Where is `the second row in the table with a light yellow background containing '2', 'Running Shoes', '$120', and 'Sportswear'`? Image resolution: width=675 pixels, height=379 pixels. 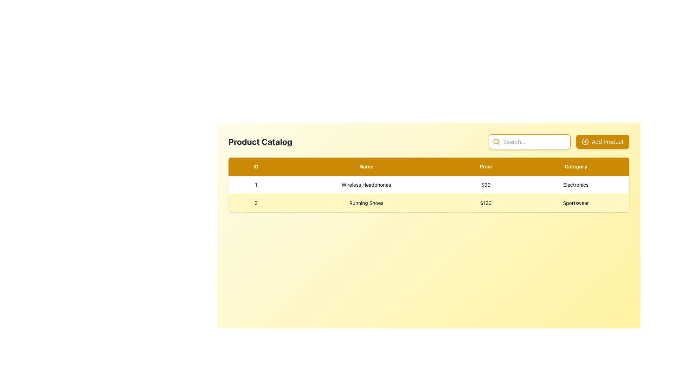
the second row in the table with a light yellow background containing '2', 'Running Shoes', '$120', and 'Sportswear' is located at coordinates (428, 203).